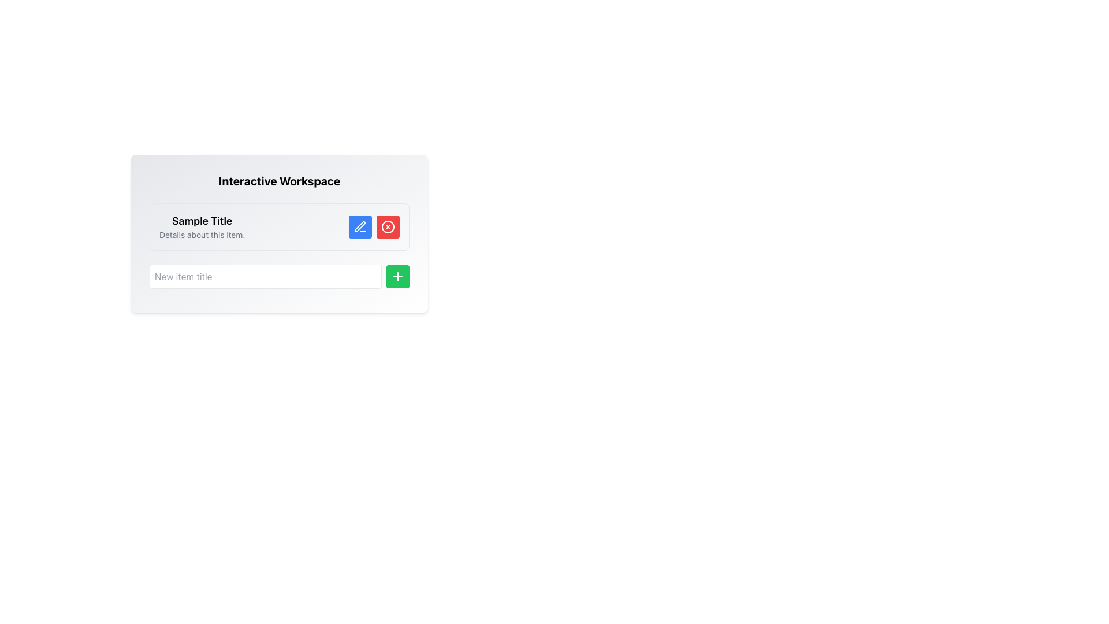 This screenshot has height=624, width=1109. What do you see at coordinates (388, 227) in the screenshot?
I see `the red button with a circular 'x' icon, positioned to the right of the blue button under 'Interactive Workspace' and 'Sample Title'` at bounding box center [388, 227].